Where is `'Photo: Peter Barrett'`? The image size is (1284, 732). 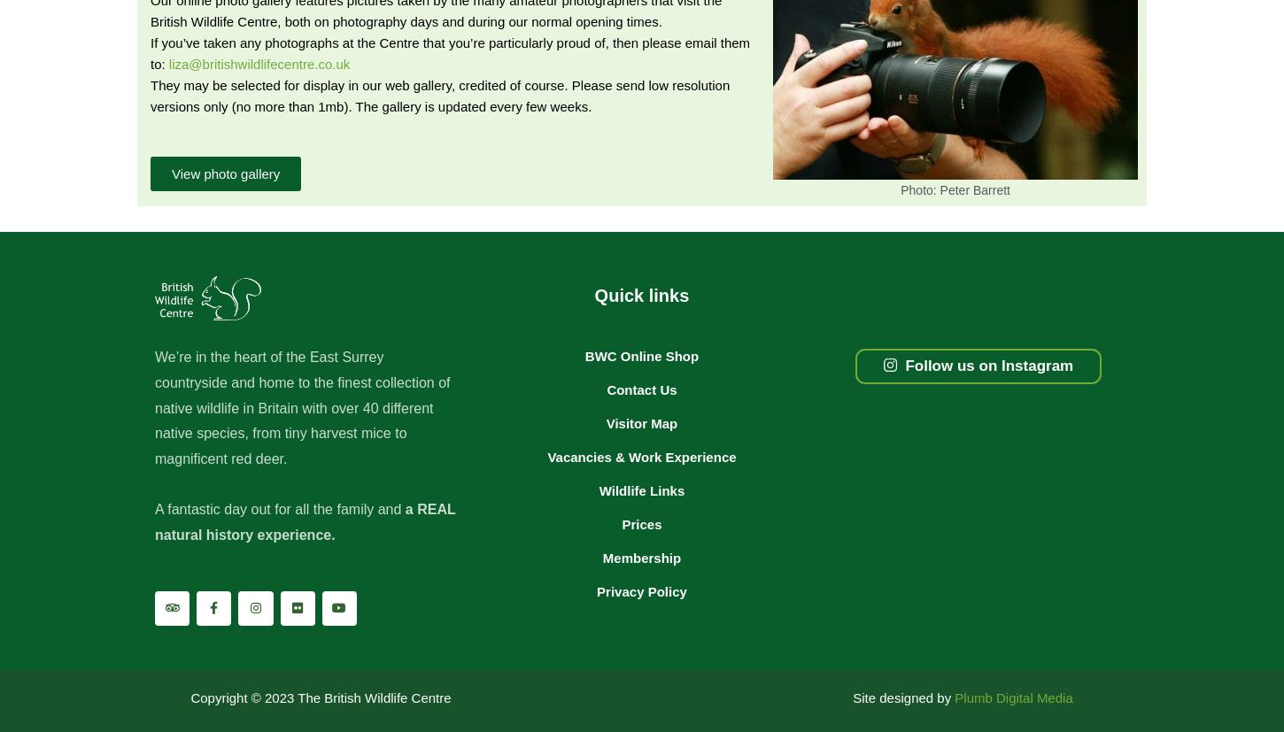
'Photo: Peter Barrett' is located at coordinates (955, 189).